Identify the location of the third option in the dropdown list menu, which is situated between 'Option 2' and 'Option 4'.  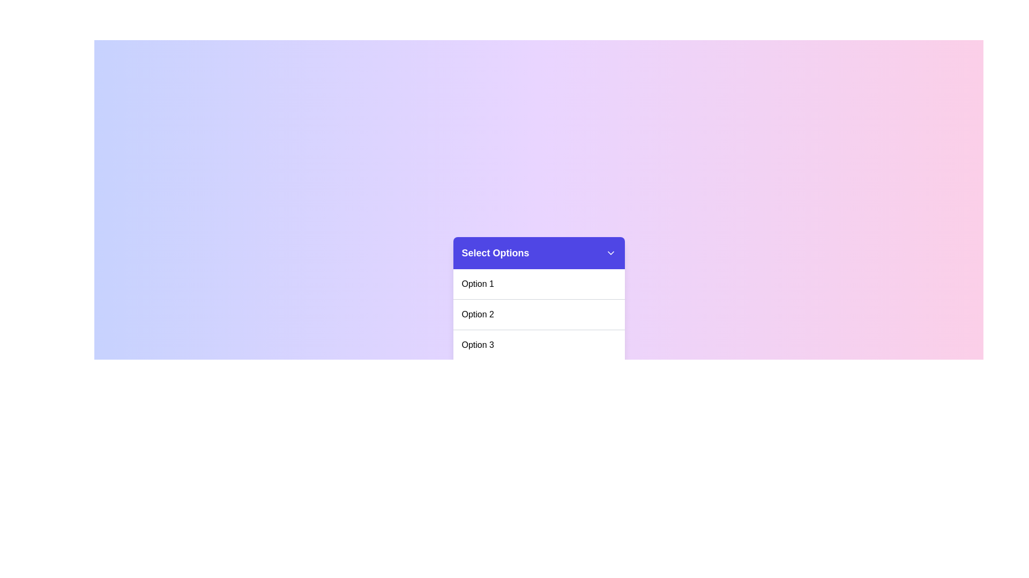
(539, 345).